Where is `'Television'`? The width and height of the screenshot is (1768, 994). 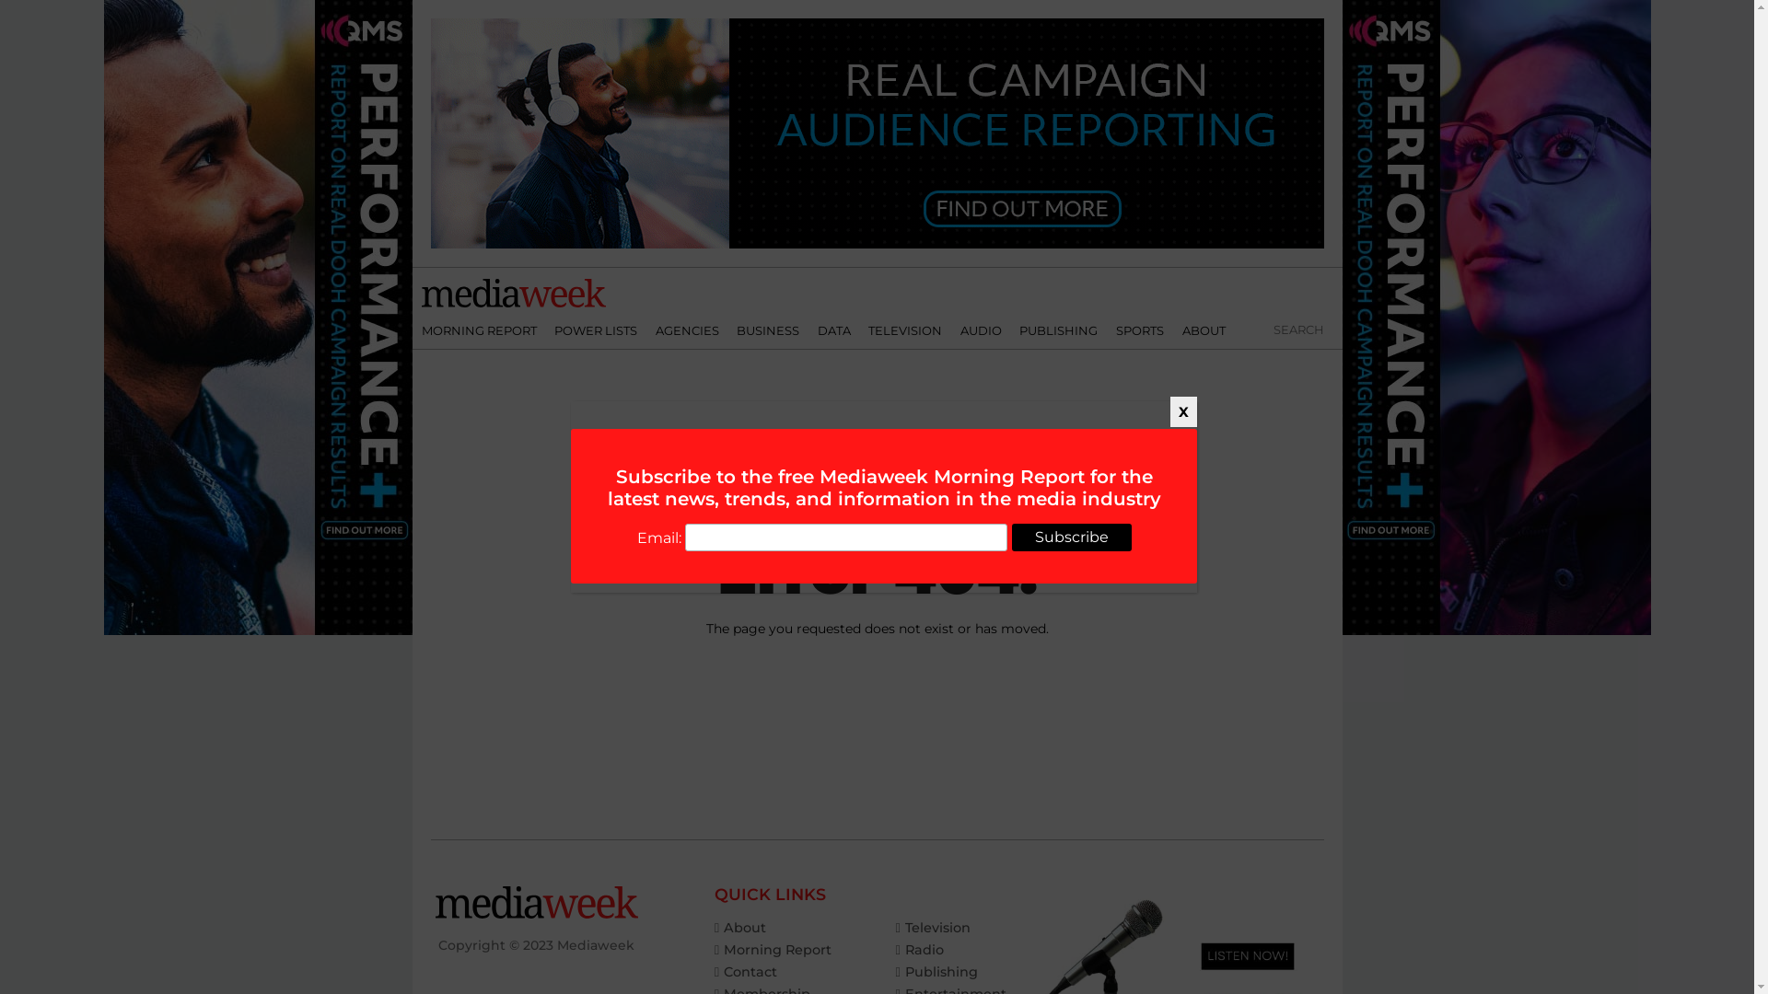 'Television' is located at coordinates (932, 927).